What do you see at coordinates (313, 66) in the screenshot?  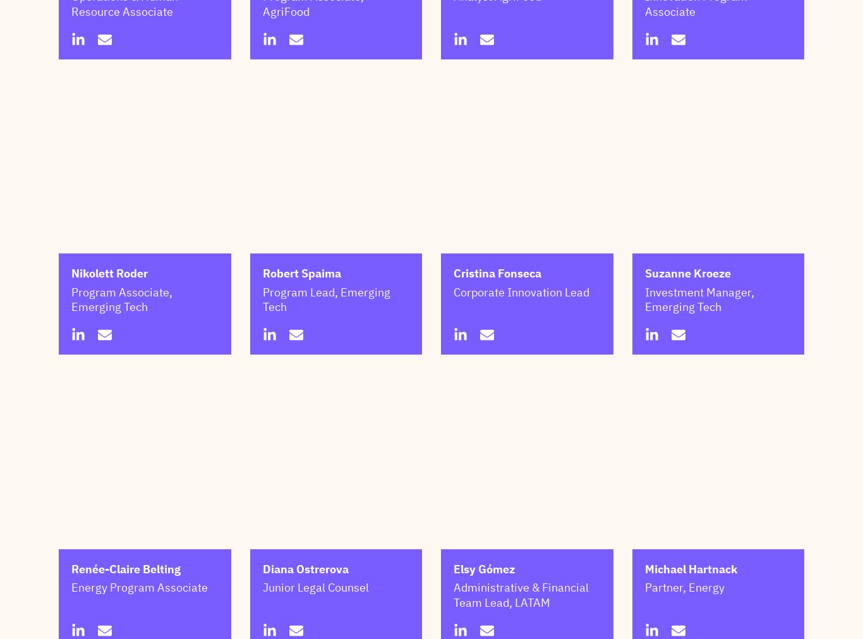 I see `'Program Associate, AgriFood'` at bounding box center [313, 66].